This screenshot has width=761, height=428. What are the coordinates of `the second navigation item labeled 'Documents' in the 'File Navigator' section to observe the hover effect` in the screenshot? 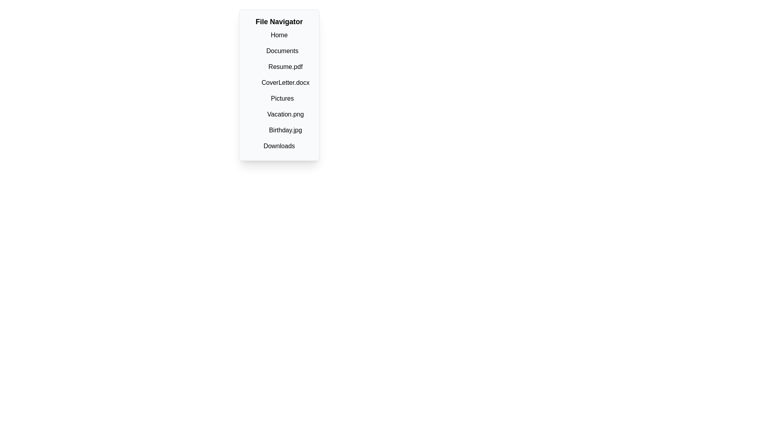 It's located at (282, 51).